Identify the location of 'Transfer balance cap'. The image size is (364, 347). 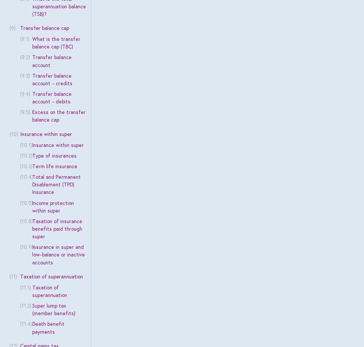
(44, 28).